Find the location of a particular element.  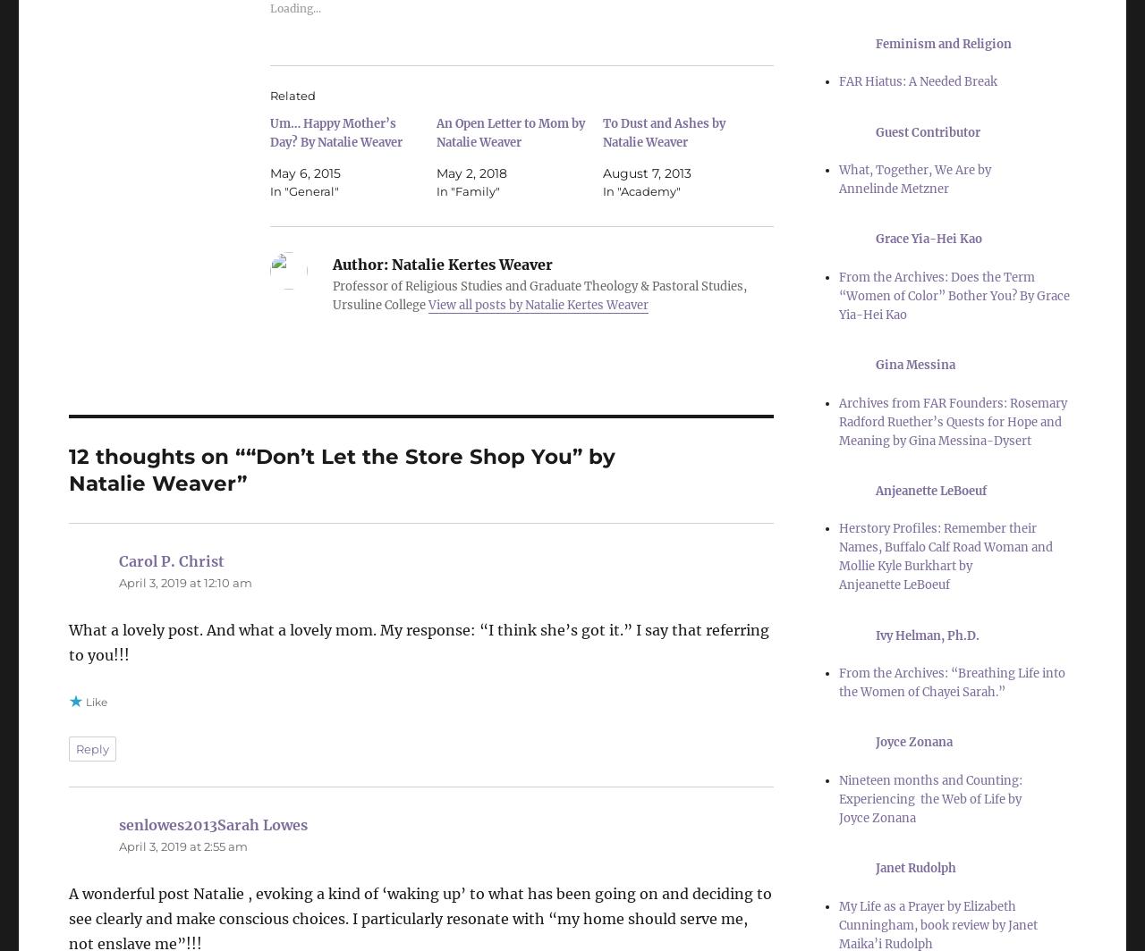

'Gina Messina' is located at coordinates (915, 365).